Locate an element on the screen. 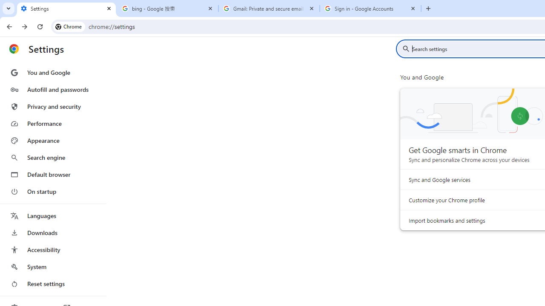  'Appearance' is located at coordinates (52, 140).